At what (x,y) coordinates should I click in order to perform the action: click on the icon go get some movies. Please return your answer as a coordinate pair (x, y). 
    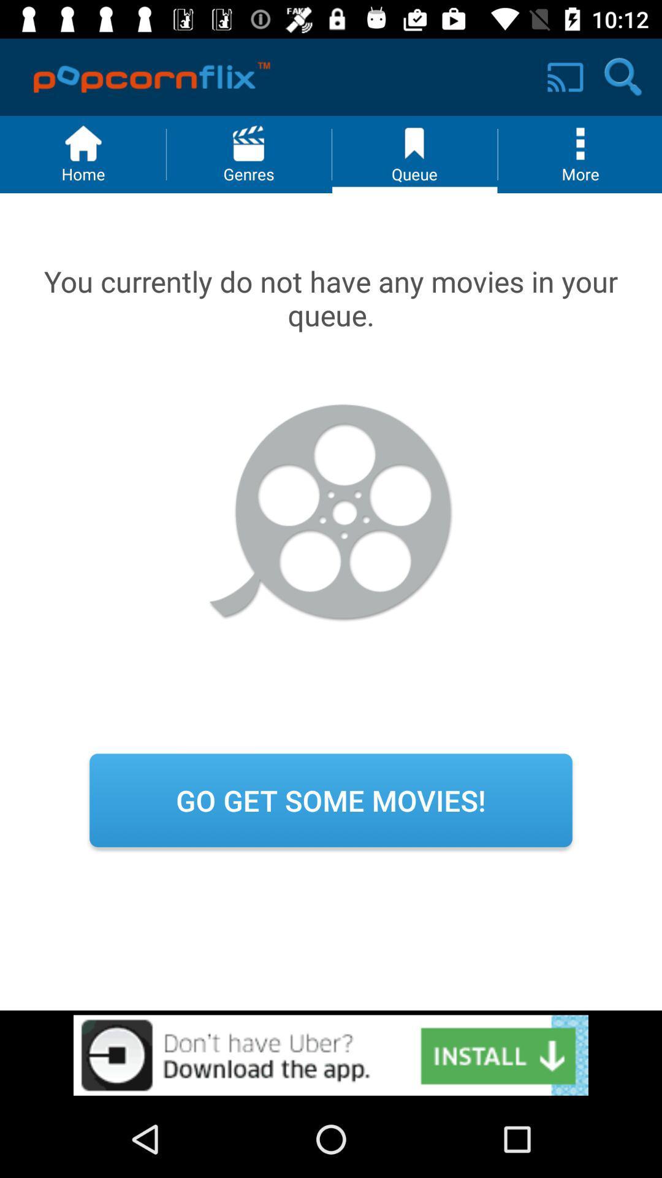
    Looking at the image, I should click on (331, 801).